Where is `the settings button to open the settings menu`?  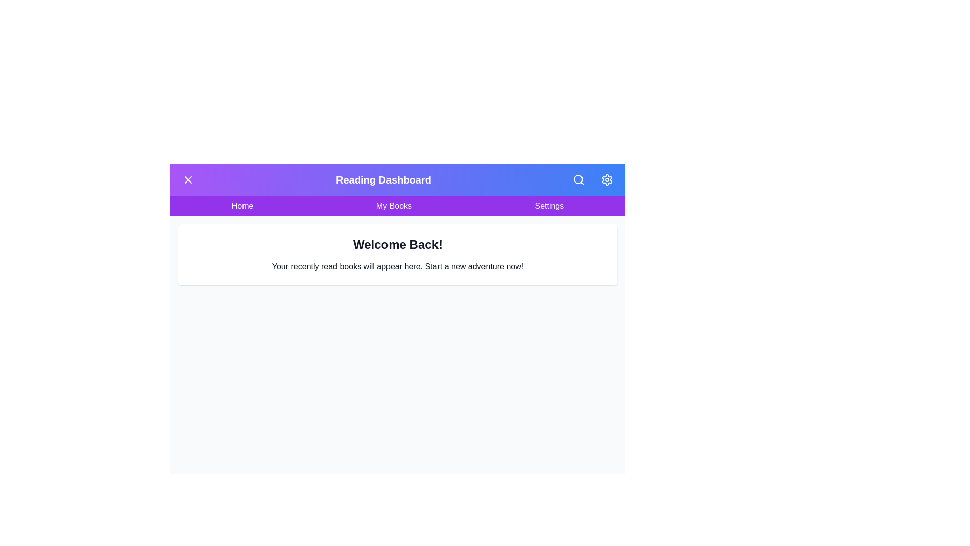
the settings button to open the settings menu is located at coordinates (606, 179).